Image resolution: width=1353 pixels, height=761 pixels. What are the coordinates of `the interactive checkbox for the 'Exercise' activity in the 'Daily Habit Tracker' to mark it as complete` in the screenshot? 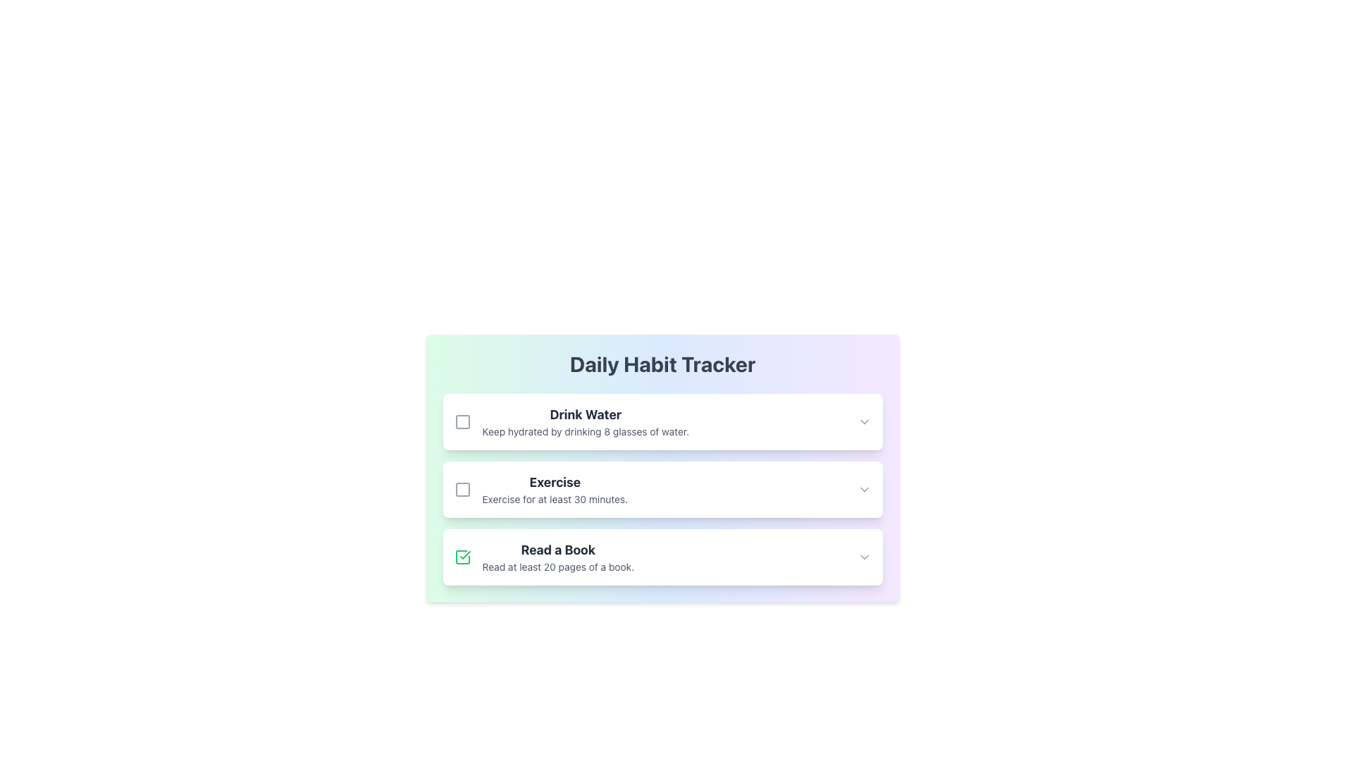 It's located at (462, 488).